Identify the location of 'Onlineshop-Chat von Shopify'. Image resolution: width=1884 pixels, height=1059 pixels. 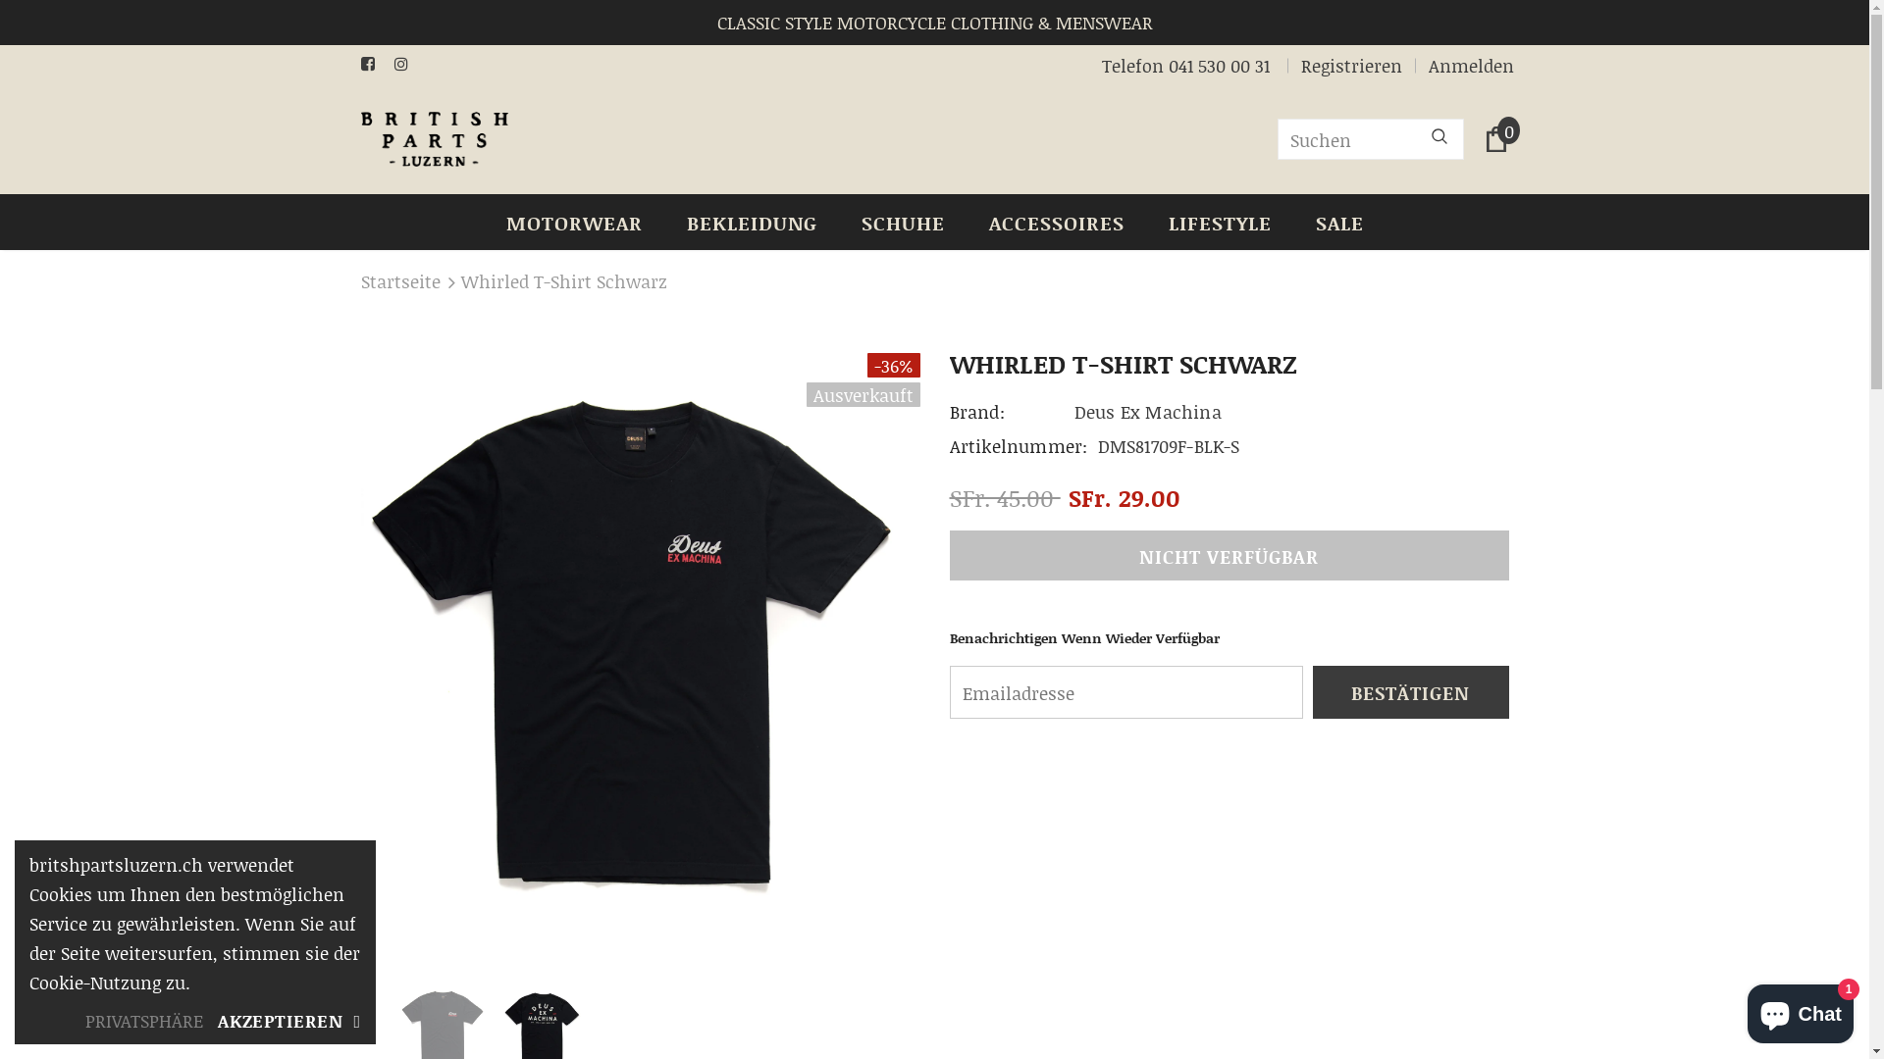
(1800, 1009).